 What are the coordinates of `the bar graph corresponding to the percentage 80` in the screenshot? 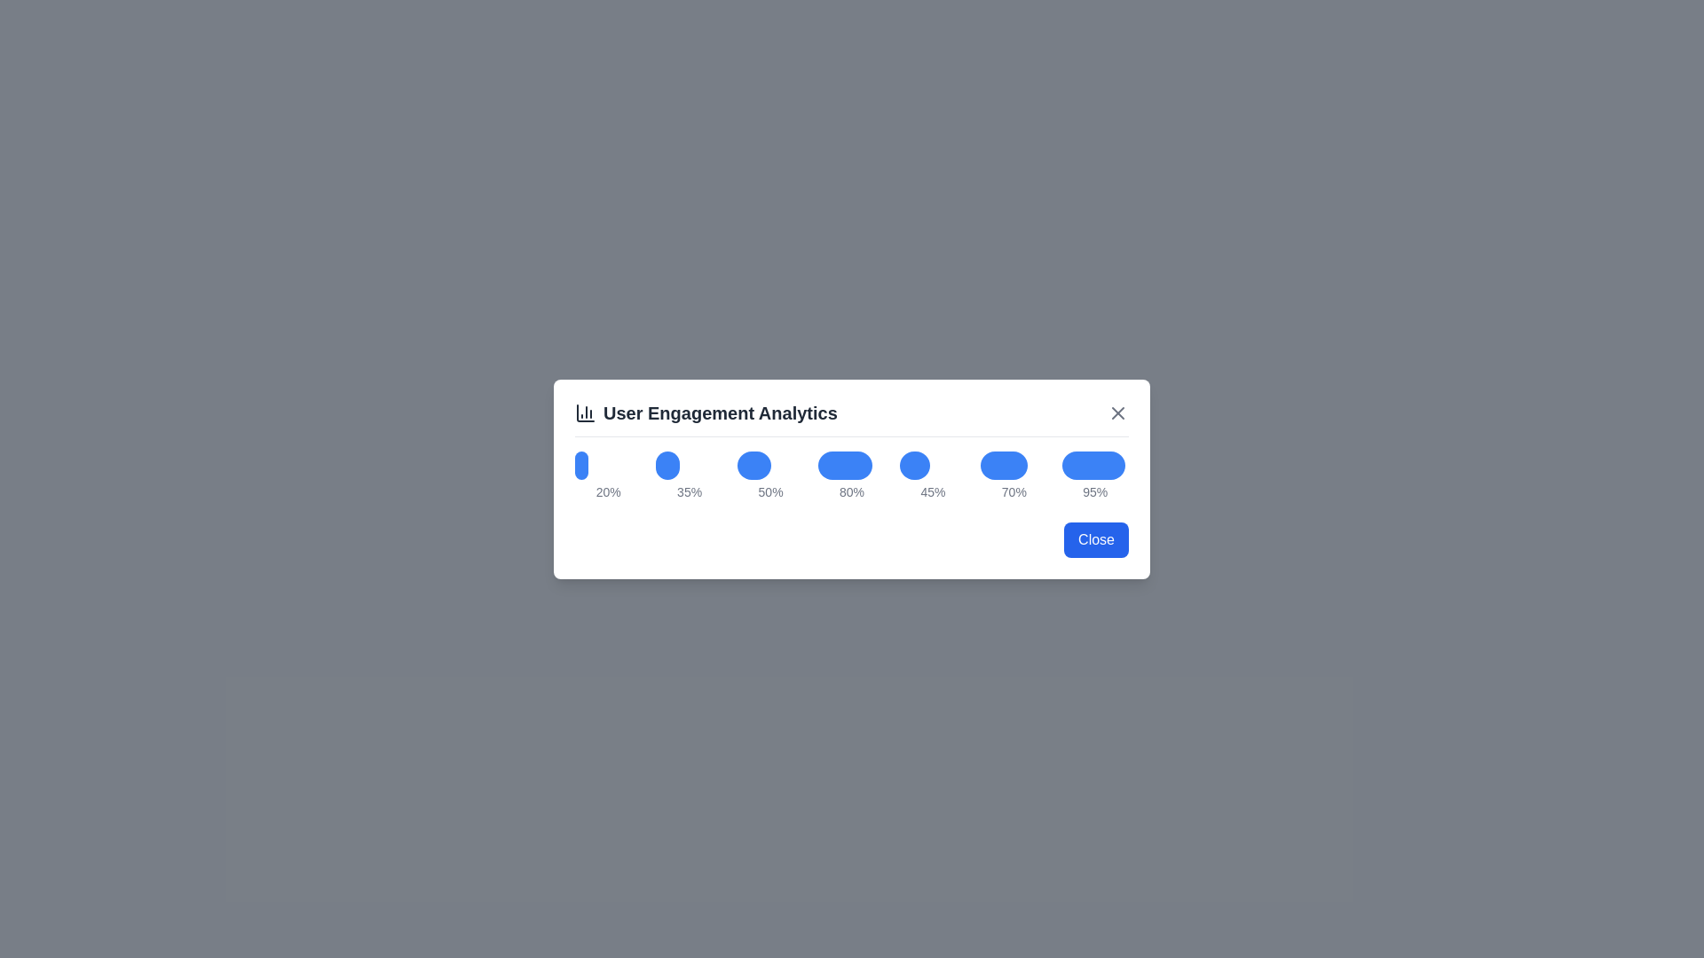 It's located at (844, 464).